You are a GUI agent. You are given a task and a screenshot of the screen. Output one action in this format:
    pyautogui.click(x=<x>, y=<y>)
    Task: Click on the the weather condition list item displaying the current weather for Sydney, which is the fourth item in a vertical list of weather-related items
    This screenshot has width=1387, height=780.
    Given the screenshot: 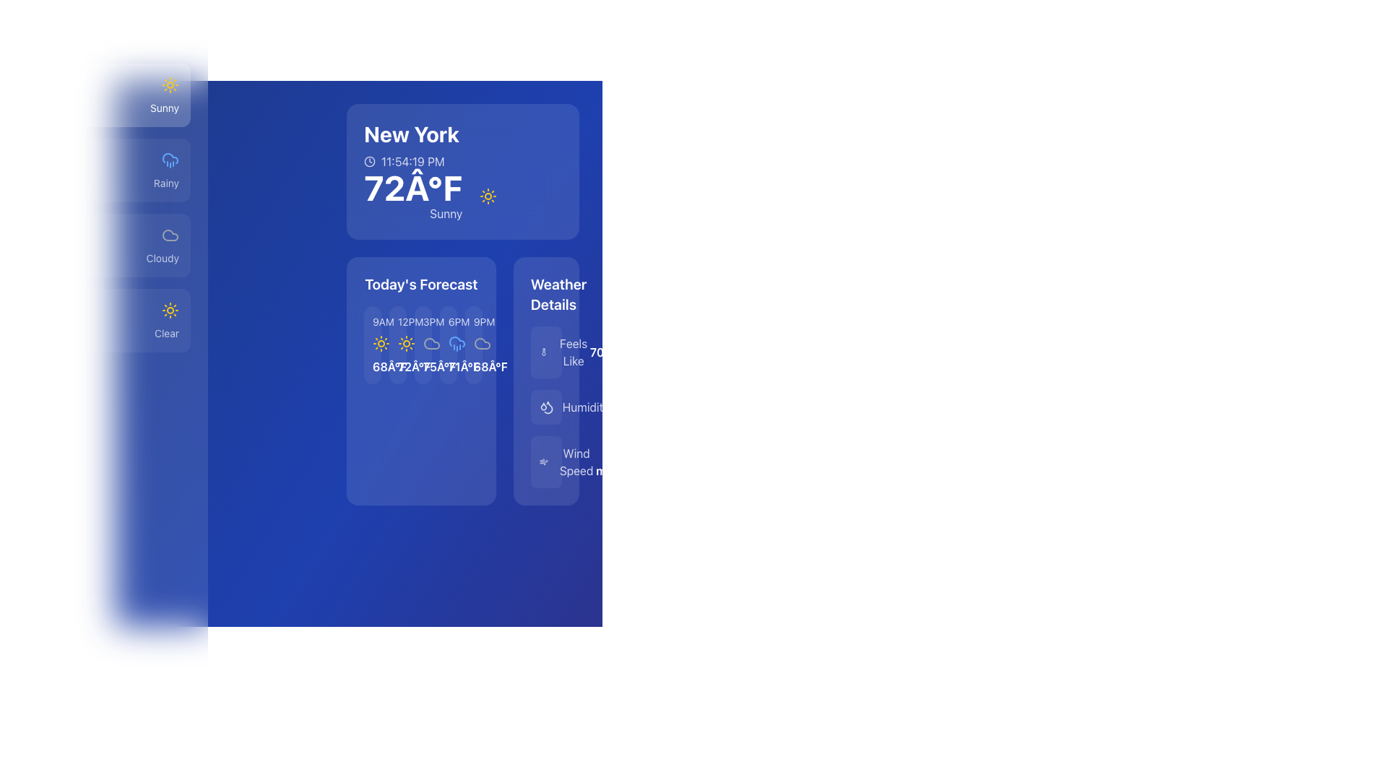 What is the action you would take?
    pyautogui.click(x=103, y=309)
    